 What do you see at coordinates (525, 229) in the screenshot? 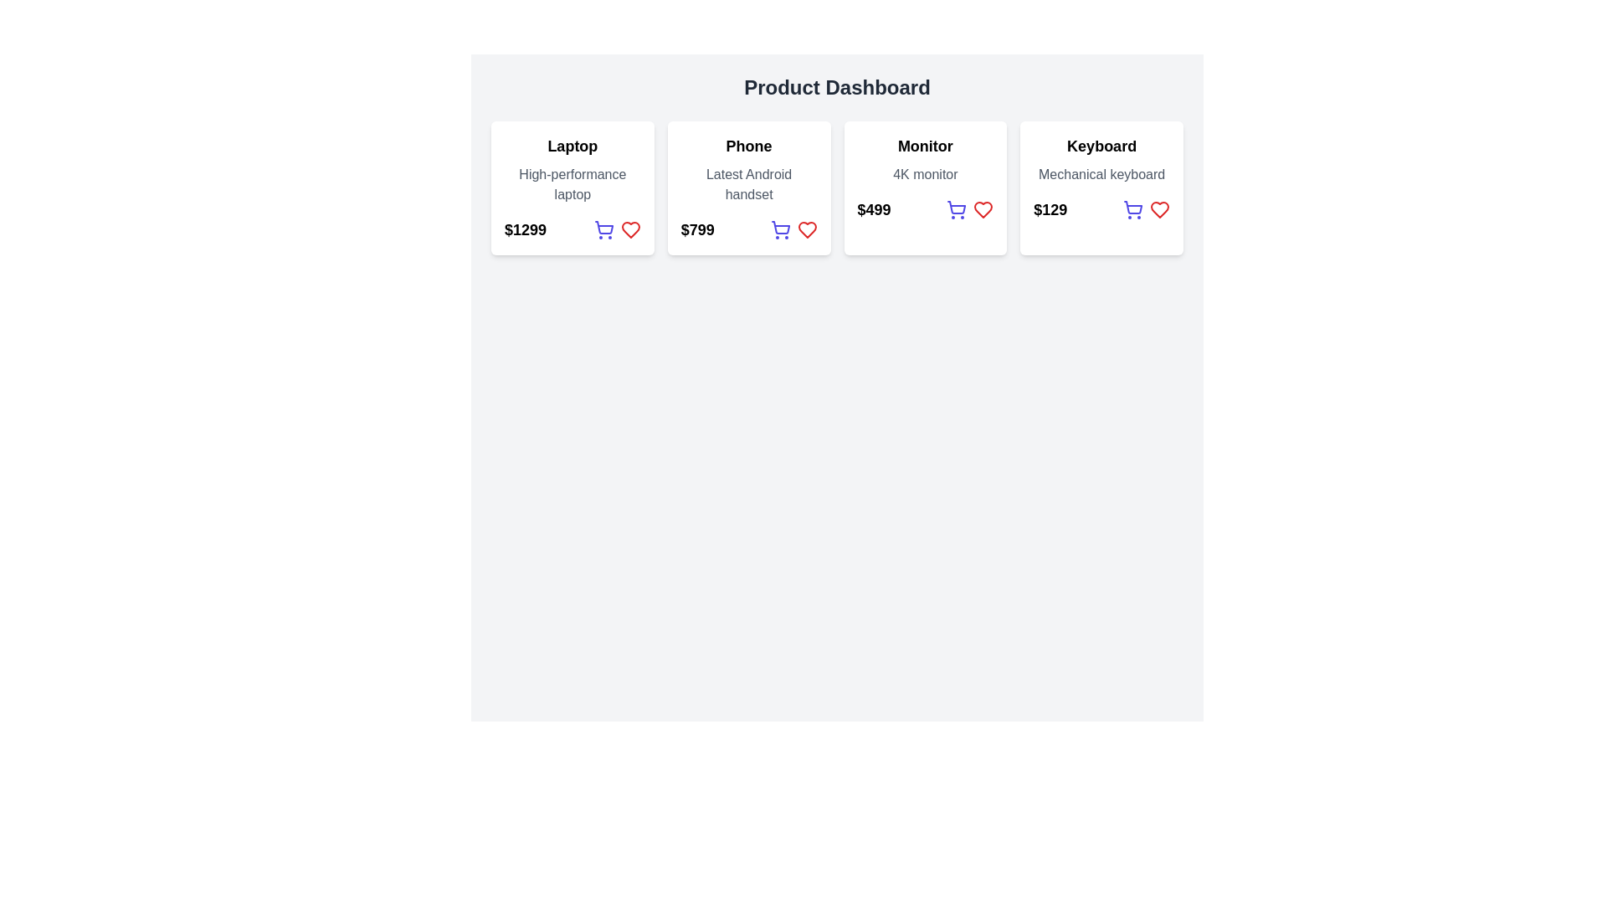
I see `on the bold, large text label displaying the price '$1299' in the top-left of the 'Product Dashboard' for the 'Laptop' product` at bounding box center [525, 229].